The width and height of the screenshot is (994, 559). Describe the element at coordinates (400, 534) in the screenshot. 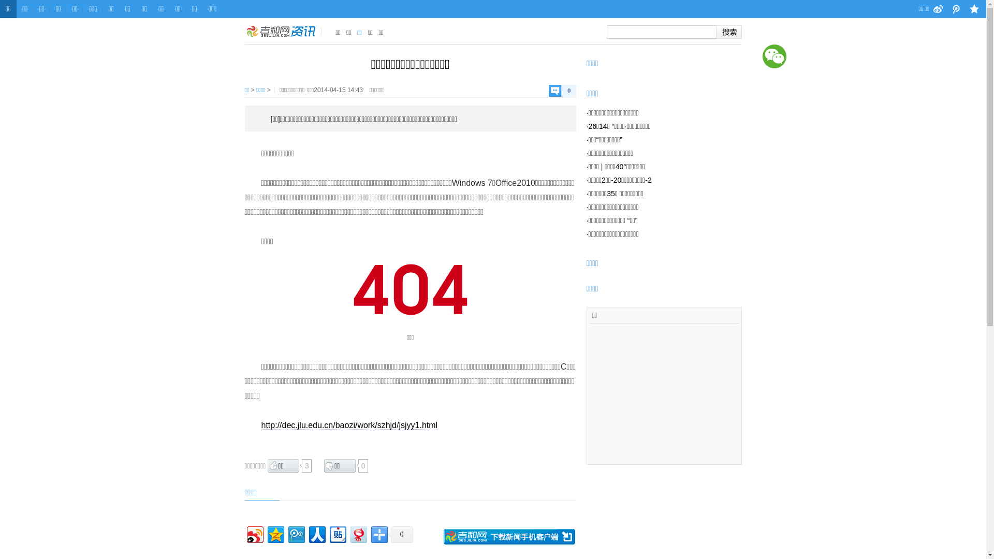

I see `'0'` at that location.